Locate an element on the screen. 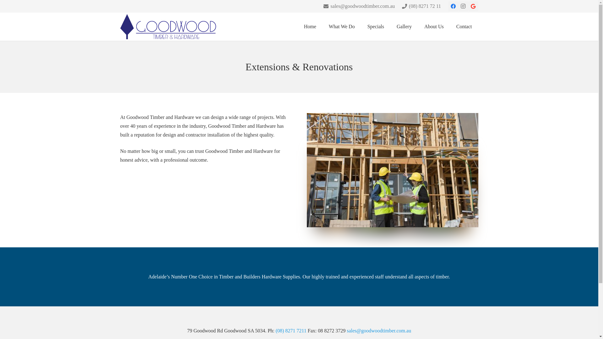  'Facebook' is located at coordinates (453, 6).